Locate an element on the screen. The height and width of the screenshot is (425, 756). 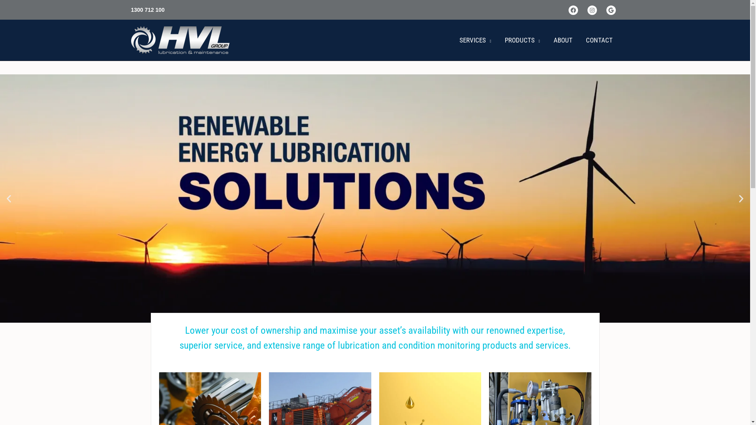
'1300 712 100' is located at coordinates (130, 9).